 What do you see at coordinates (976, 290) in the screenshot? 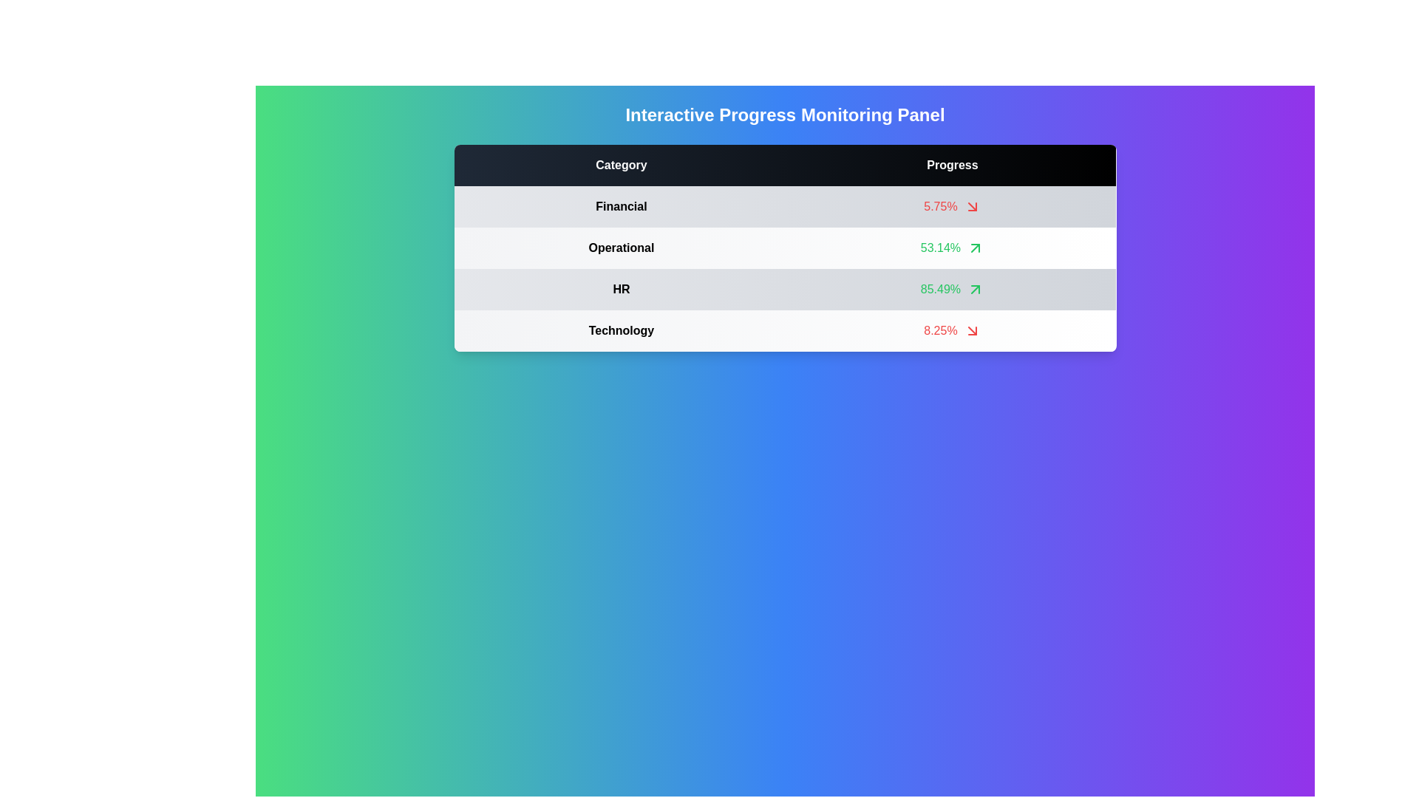
I see `the arrow indicator next to the progress value for the category HR` at bounding box center [976, 290].